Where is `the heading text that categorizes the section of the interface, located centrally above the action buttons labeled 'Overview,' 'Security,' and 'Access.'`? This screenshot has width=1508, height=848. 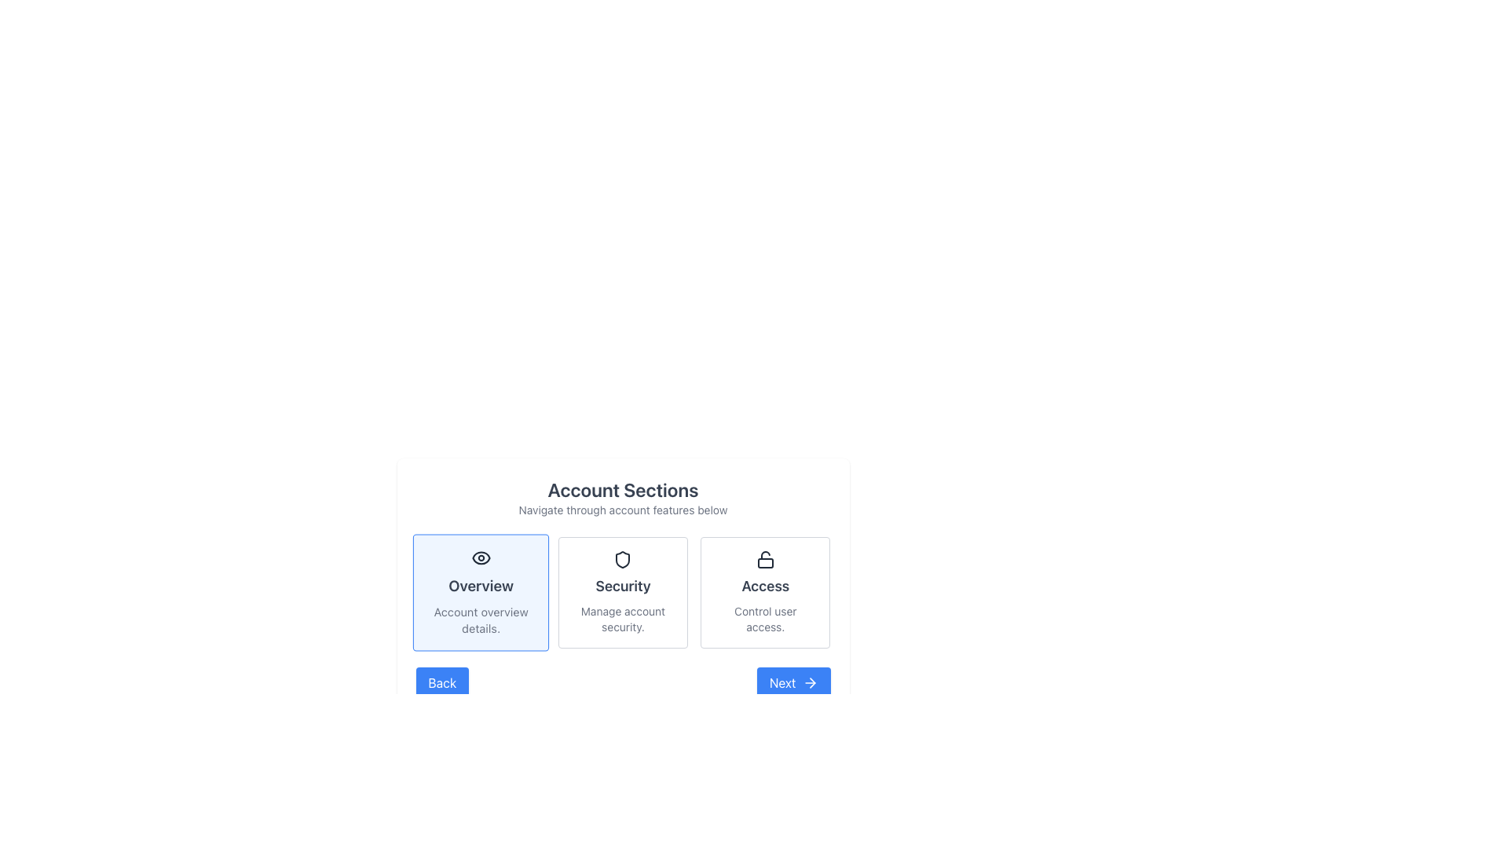
the heading text that categorizes the section of the interface, located centrally above the action buttons labeled 'Overview,' 'Security,' and 'Access.' is located at coordinates (622, 489).